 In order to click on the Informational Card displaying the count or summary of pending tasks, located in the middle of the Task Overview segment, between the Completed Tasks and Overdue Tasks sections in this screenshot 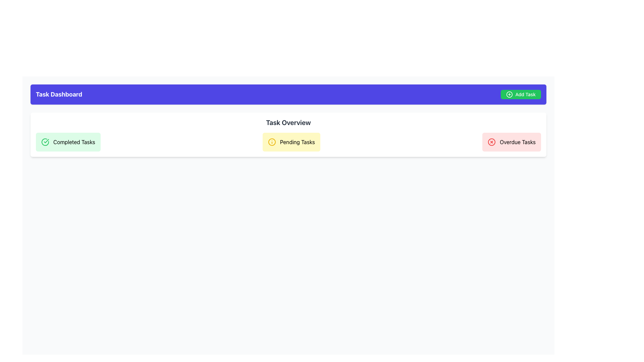, I will do `click(288, 142)`.